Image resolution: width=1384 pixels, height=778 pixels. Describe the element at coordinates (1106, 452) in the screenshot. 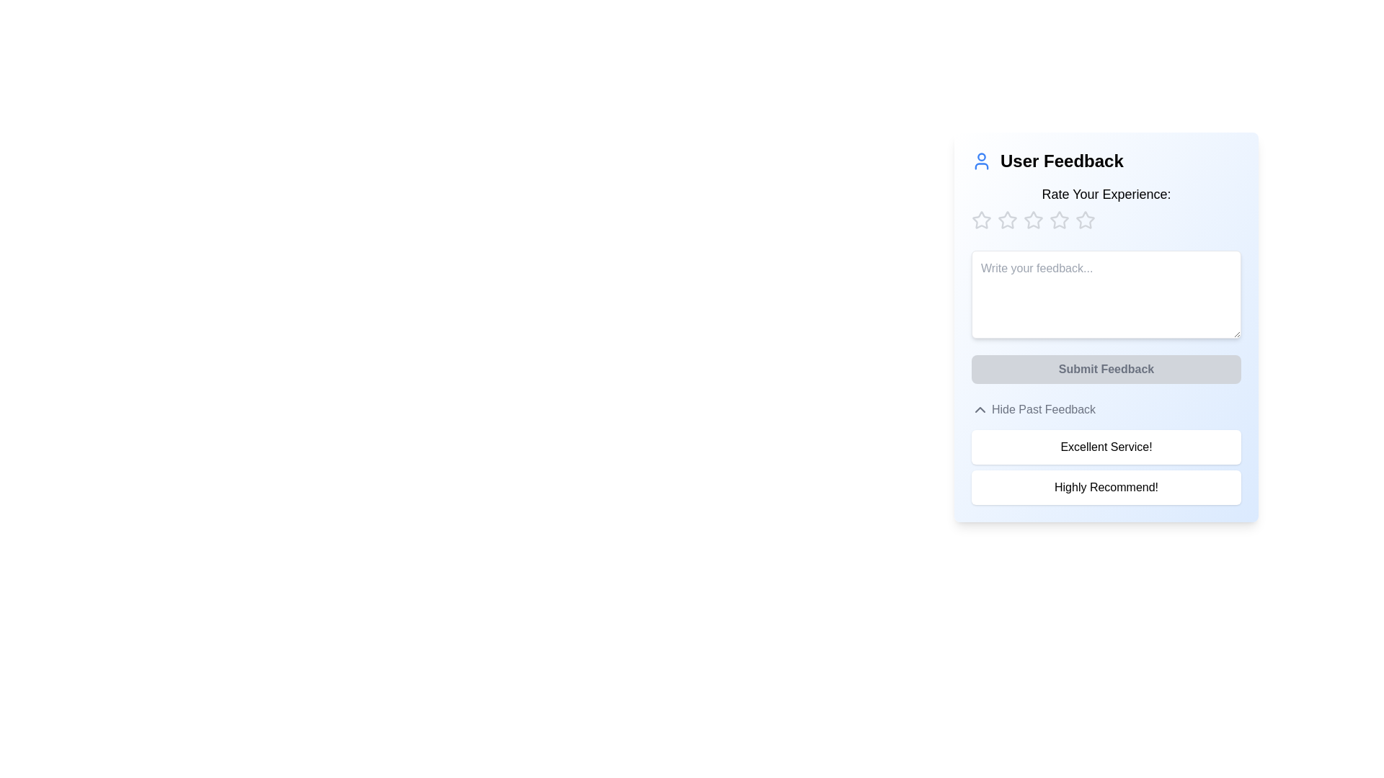

I see `the static text display element showing 'Excellent Service!' which is located under the heading 'Hide Past Feedback'` at that location.